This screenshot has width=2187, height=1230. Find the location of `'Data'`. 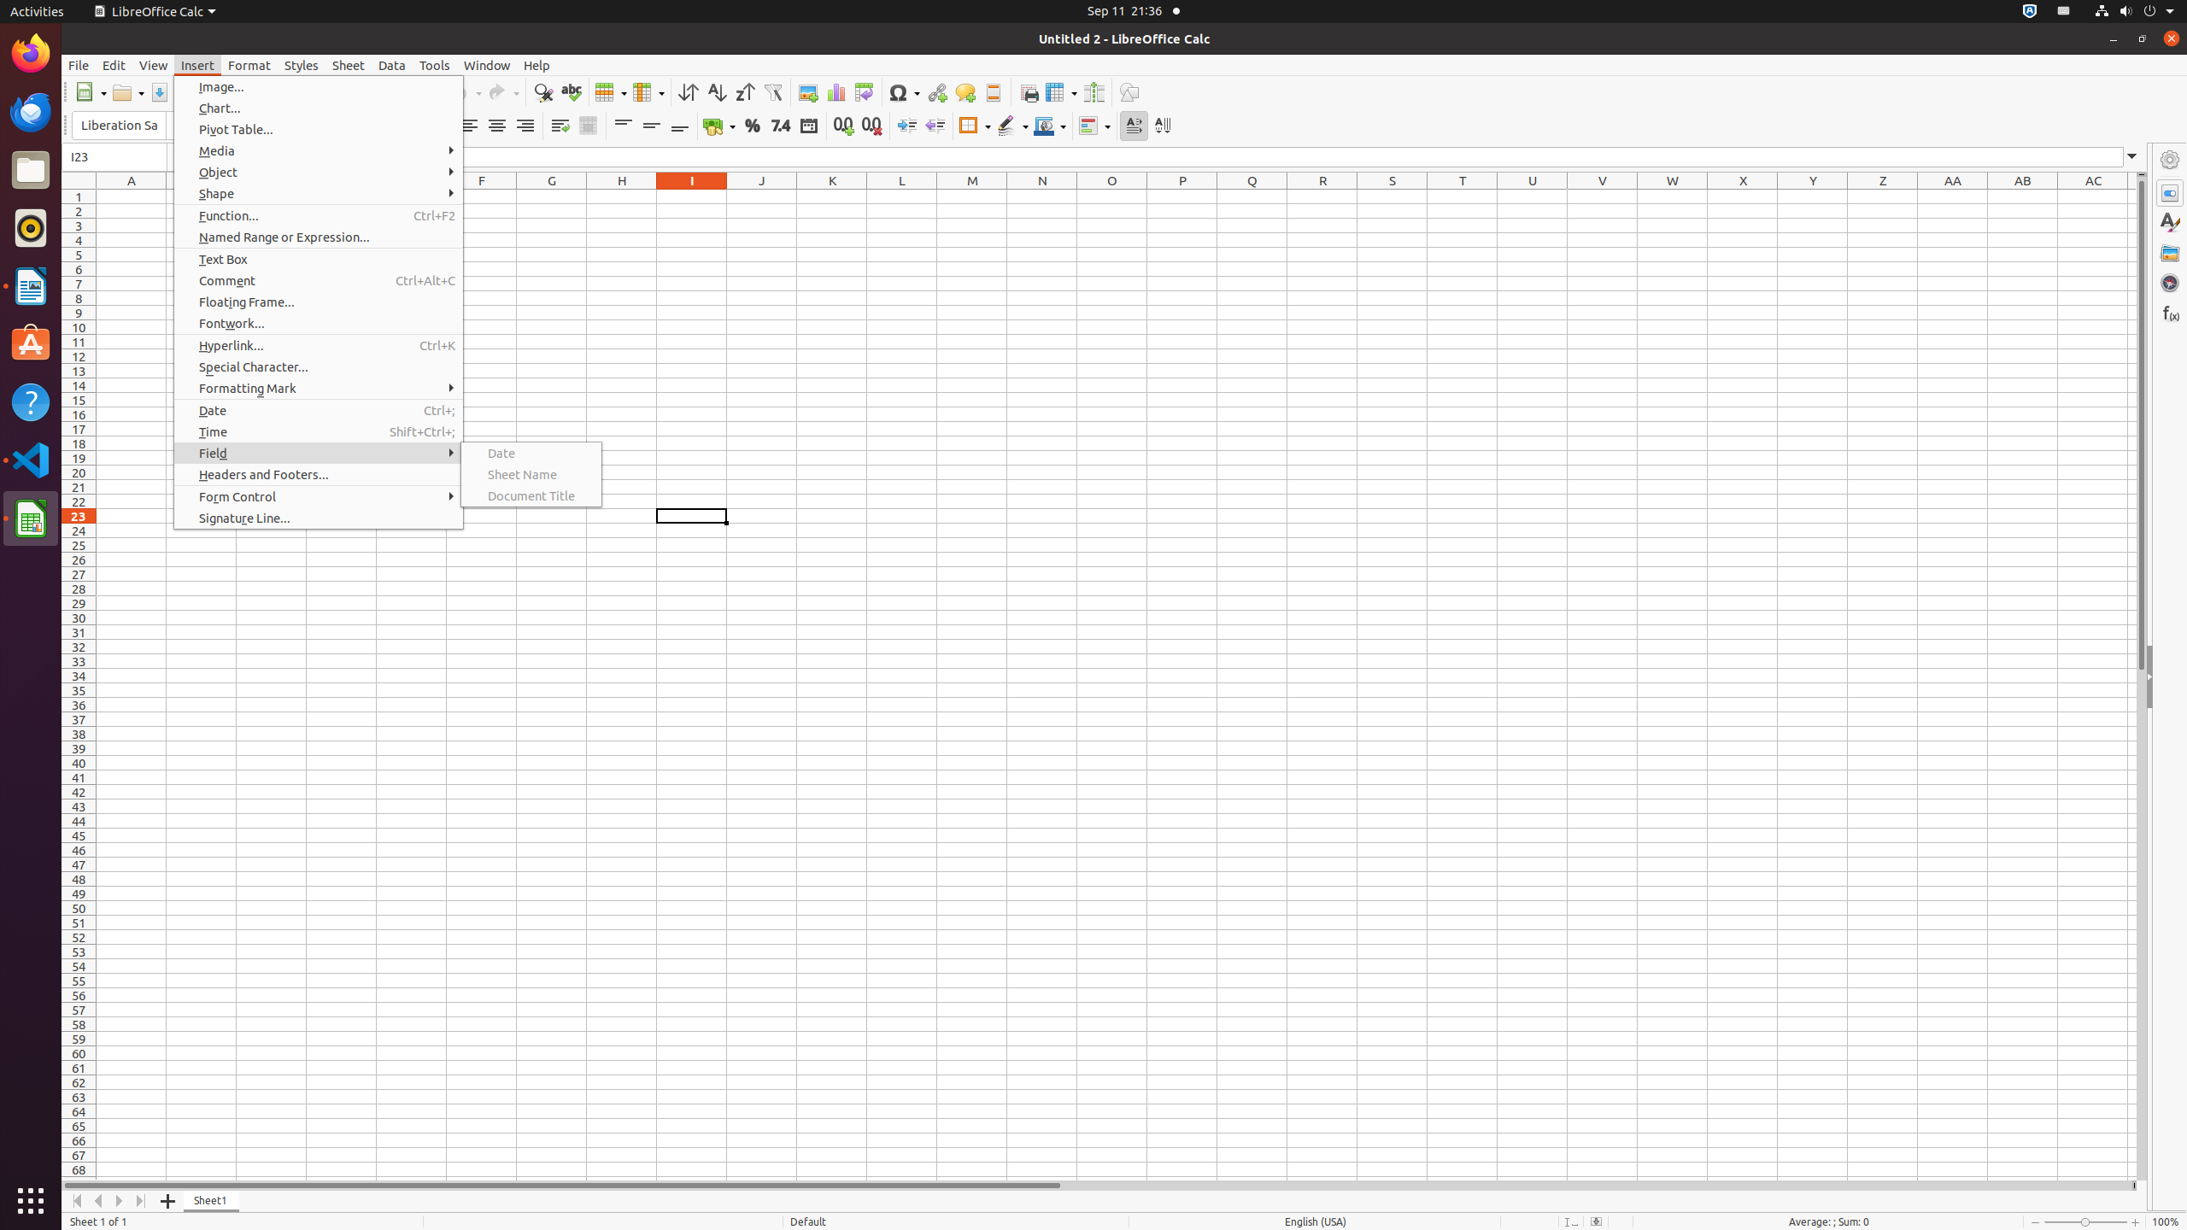

'Data' is located at coordinates (391, 65).